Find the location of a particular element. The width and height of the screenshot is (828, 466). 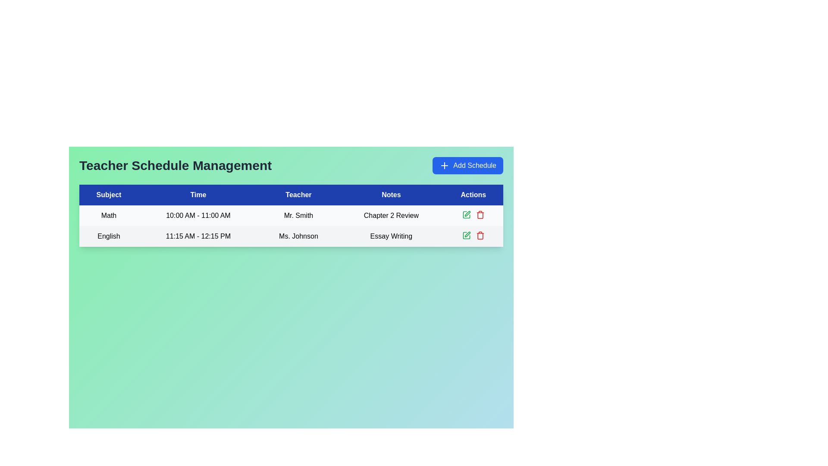

the delete button located in the 'Actions' column of the second row within the table structure for the English subject entry is located at coordinates (480, 214).